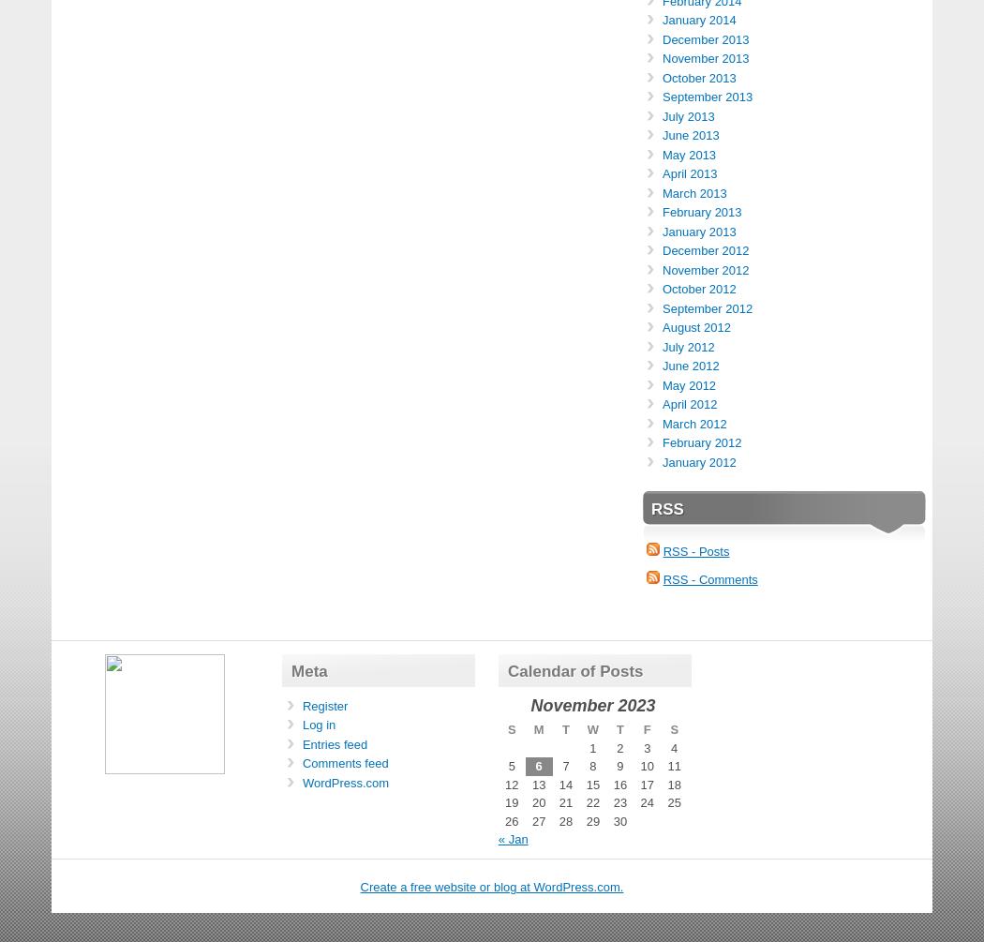 The image size is (984, 942). I want to click on 'May 2012', so click(662, 384).